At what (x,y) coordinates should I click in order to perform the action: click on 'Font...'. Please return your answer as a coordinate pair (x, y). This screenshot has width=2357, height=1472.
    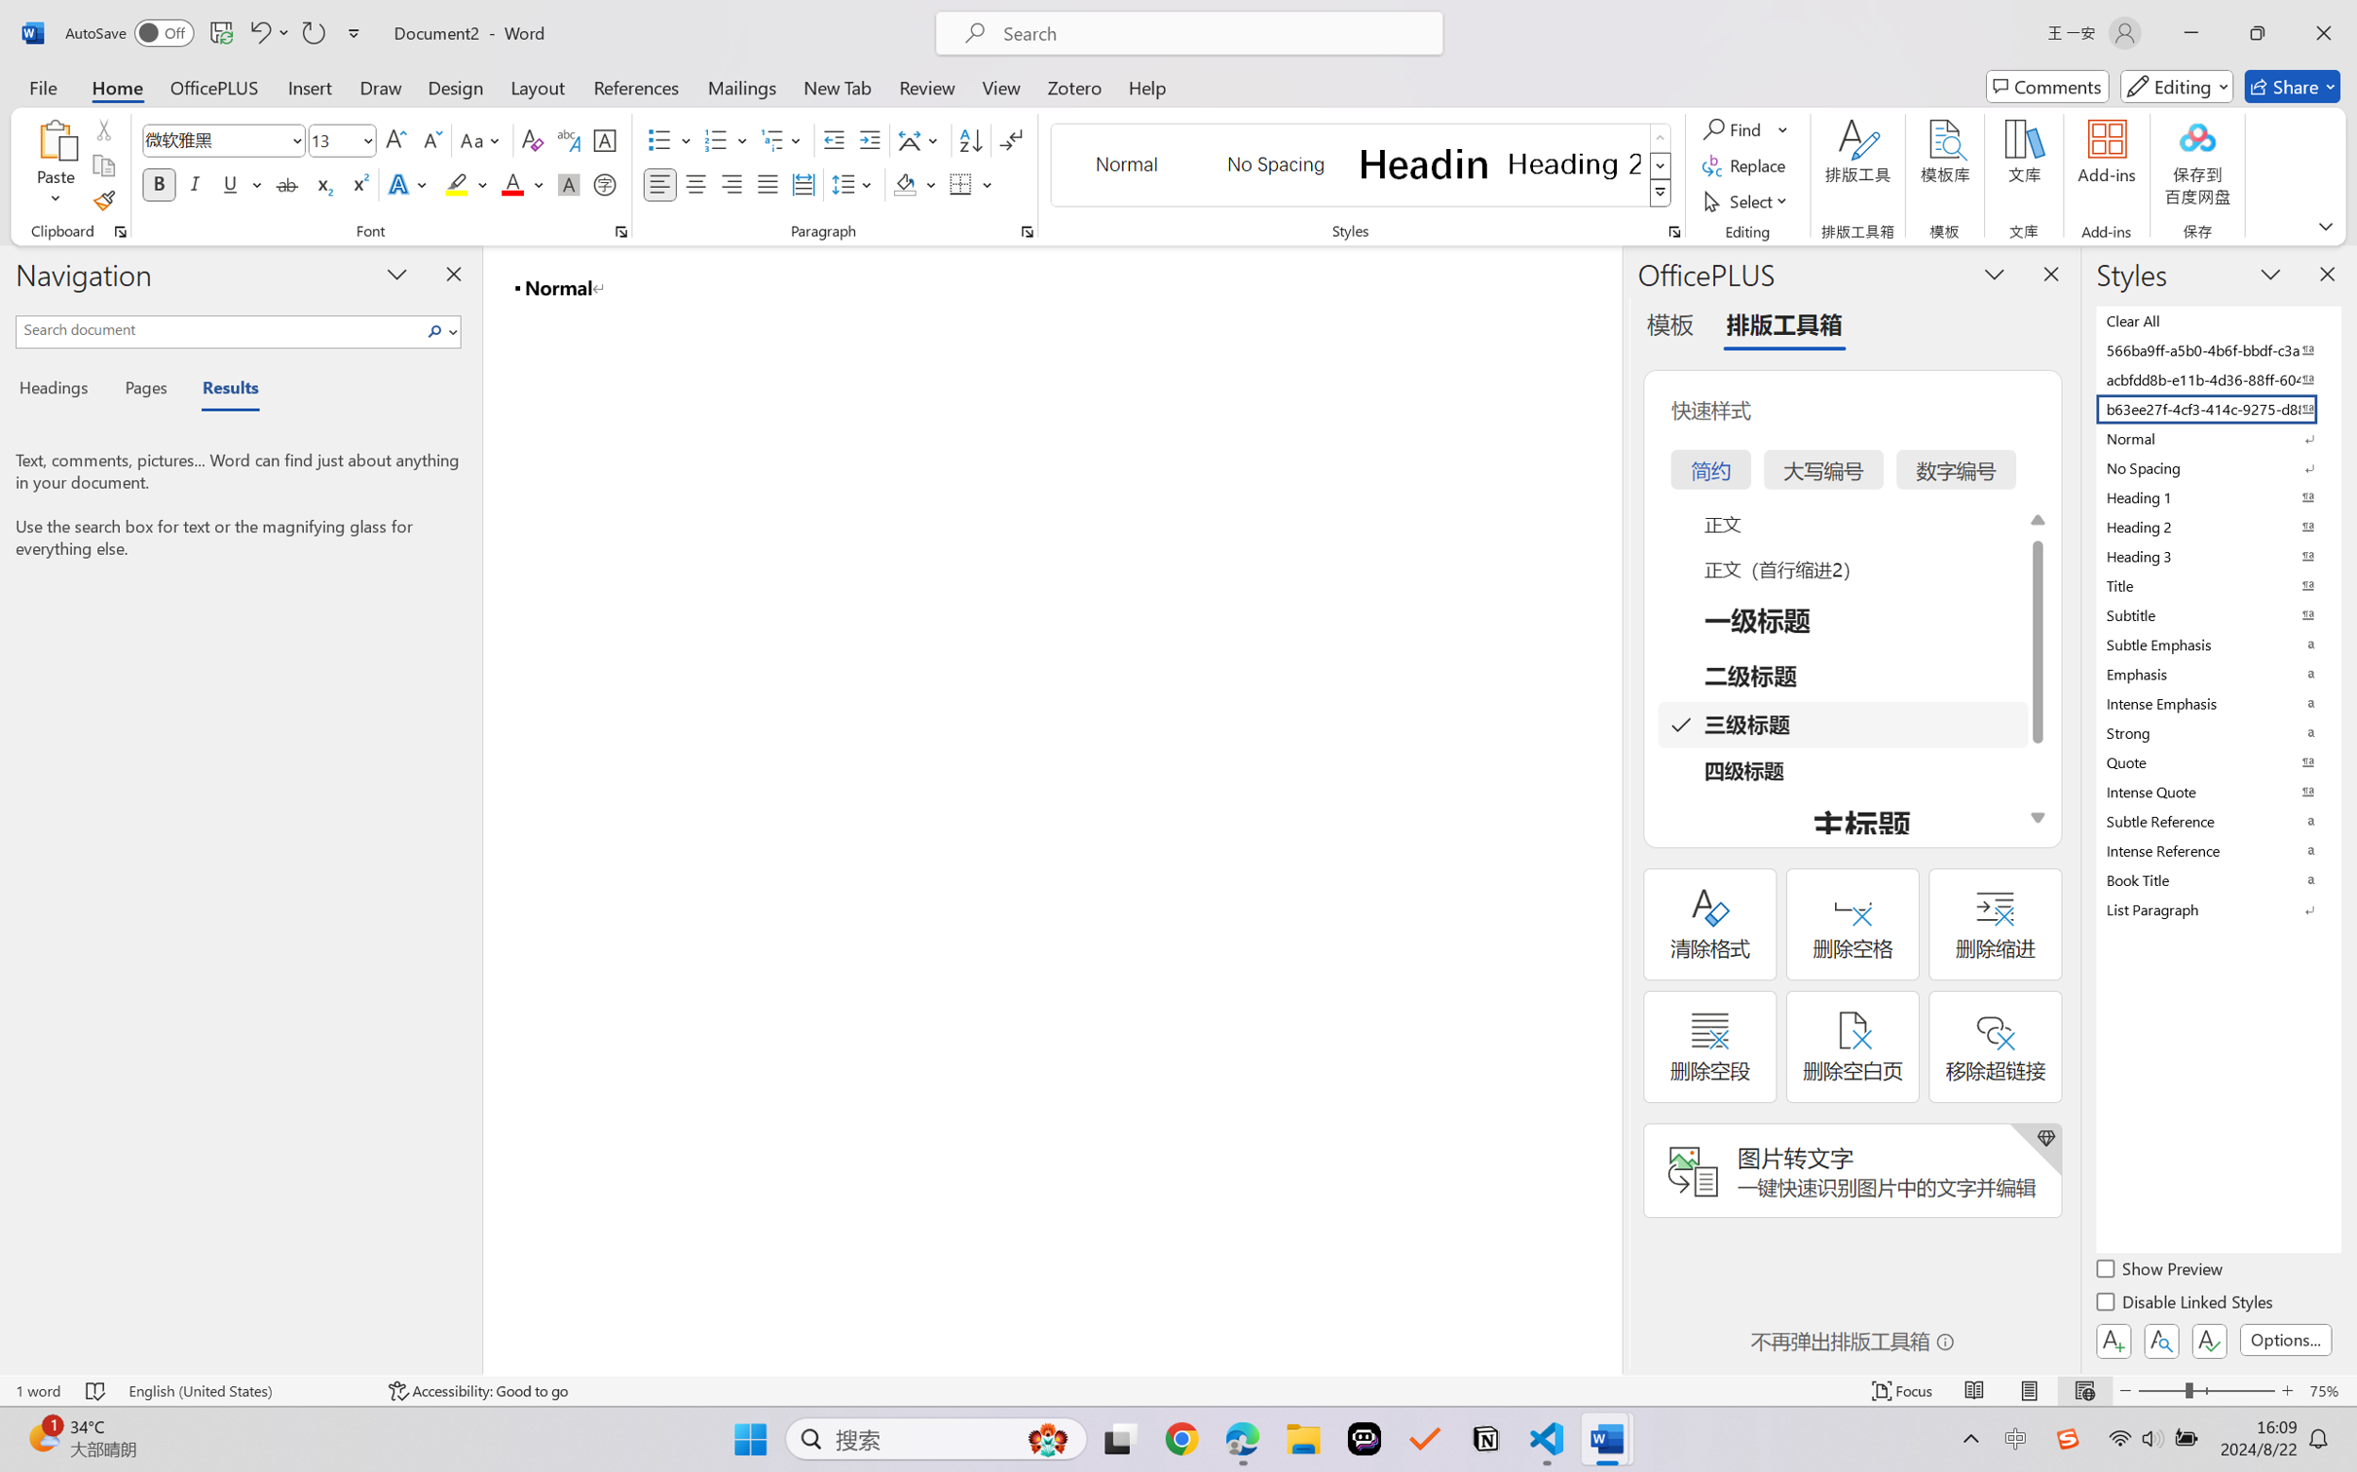
    Looking at the image, I should click on (620, 231).